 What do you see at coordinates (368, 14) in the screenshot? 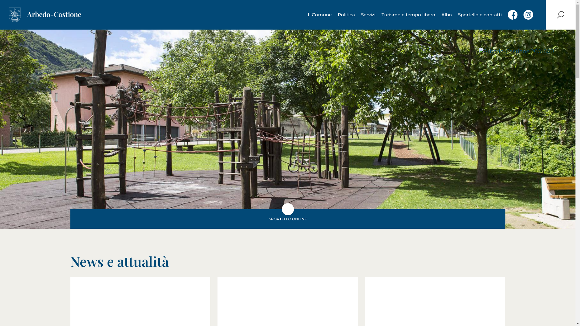
I see `'Servizi'` at bounding box center [368, 14].